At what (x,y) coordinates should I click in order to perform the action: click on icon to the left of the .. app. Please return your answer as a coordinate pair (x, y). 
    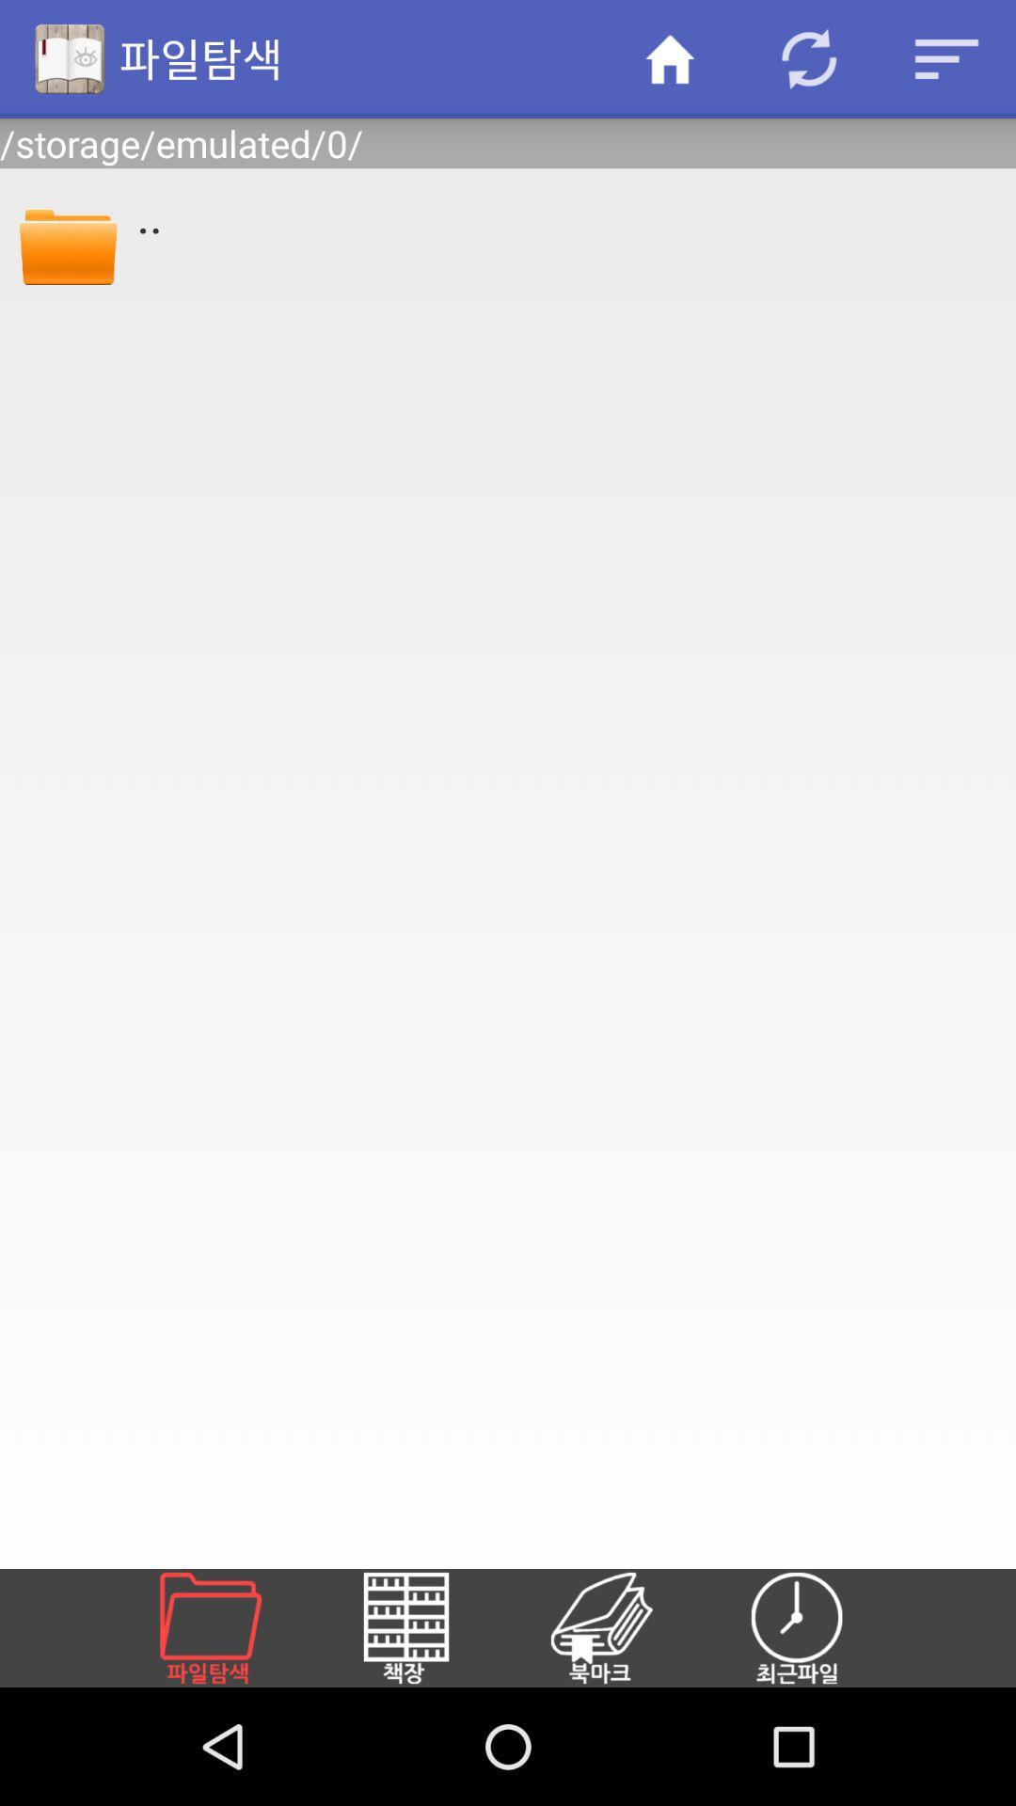
    Looking at the image, I should click on (67, 242).